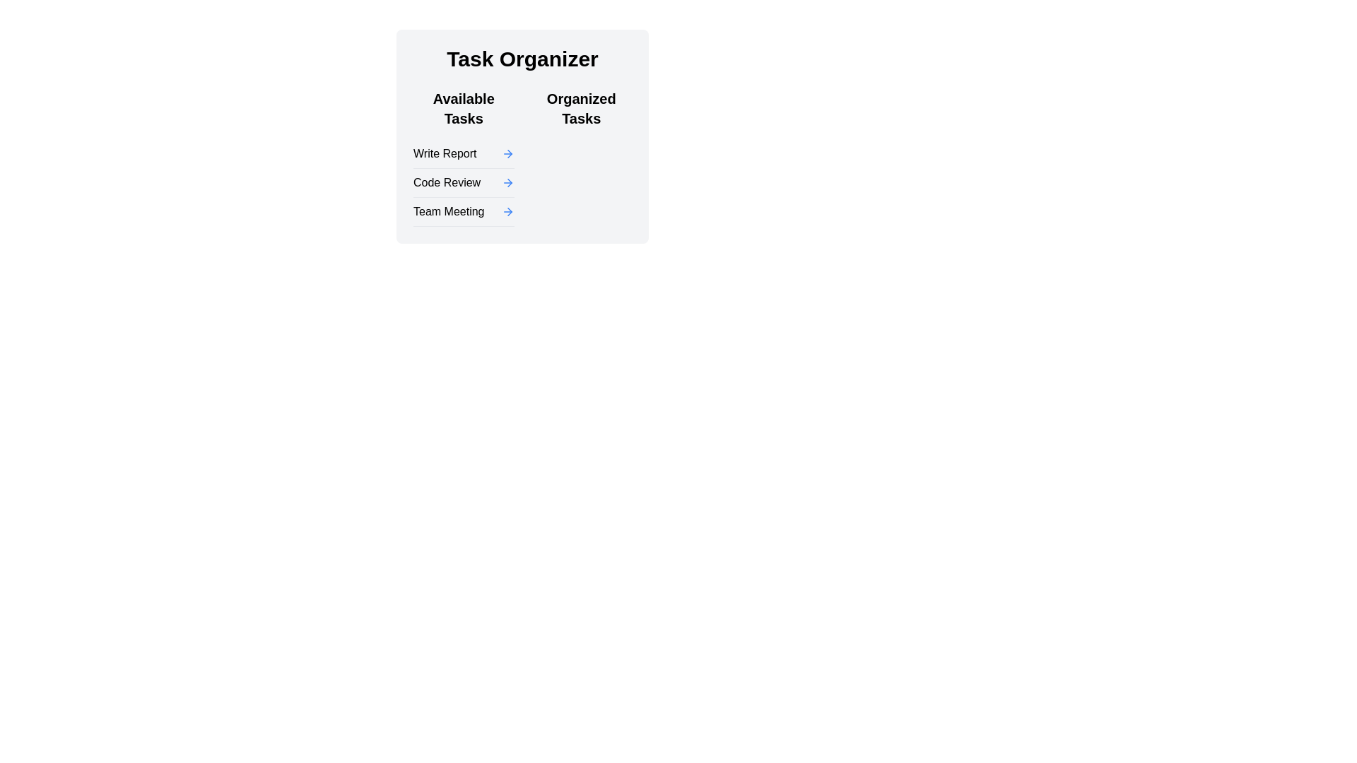 This screenshot has width=1357, height=763. What do you see at coordinates (444, 154) in the screenshot?
I see `the 'Write Report' text label, which is the leftmost item in the first row of the 'Available Tasks' section in the 'Task Organizer'` at bounding box center [444, 154].